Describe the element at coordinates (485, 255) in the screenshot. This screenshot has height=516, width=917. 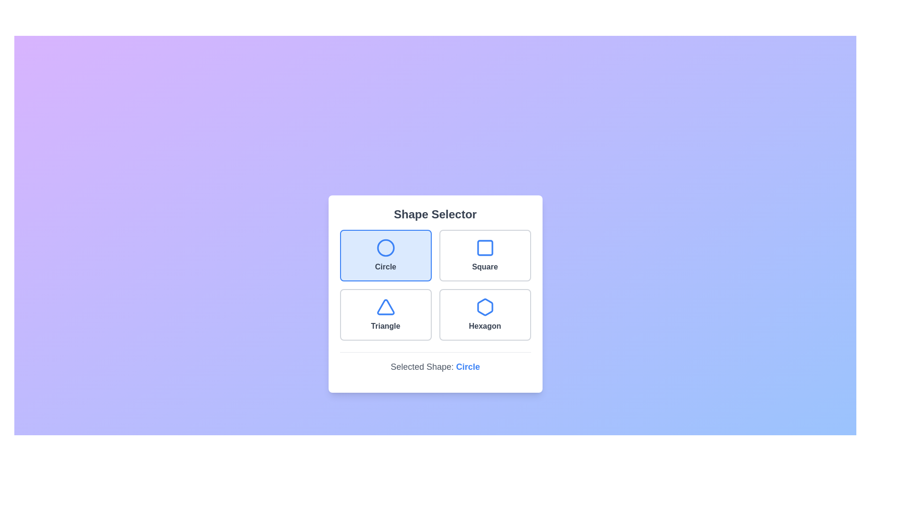
I see `the shape button corresponding to Square` at that location.